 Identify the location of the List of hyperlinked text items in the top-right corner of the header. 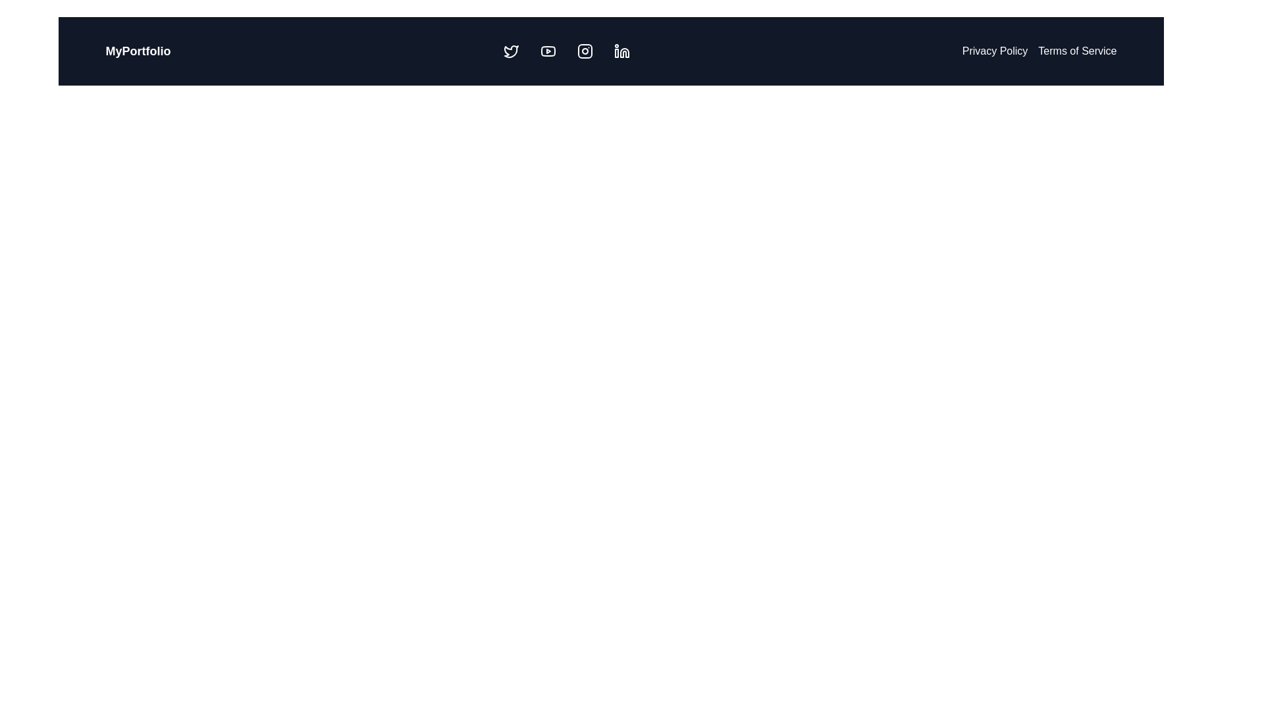
(1039, 50).